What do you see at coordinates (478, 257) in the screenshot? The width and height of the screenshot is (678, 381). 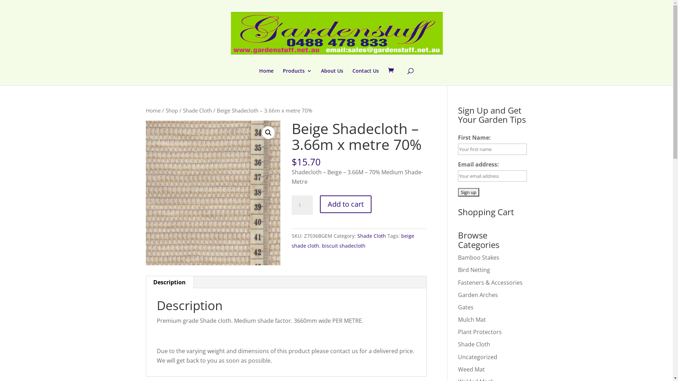 I see `'Bamboo Stakes'` at bounding box center [478, 257].